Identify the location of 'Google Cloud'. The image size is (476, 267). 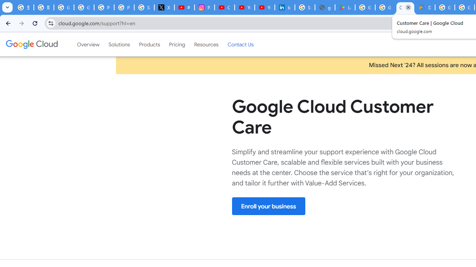
(31, 44).